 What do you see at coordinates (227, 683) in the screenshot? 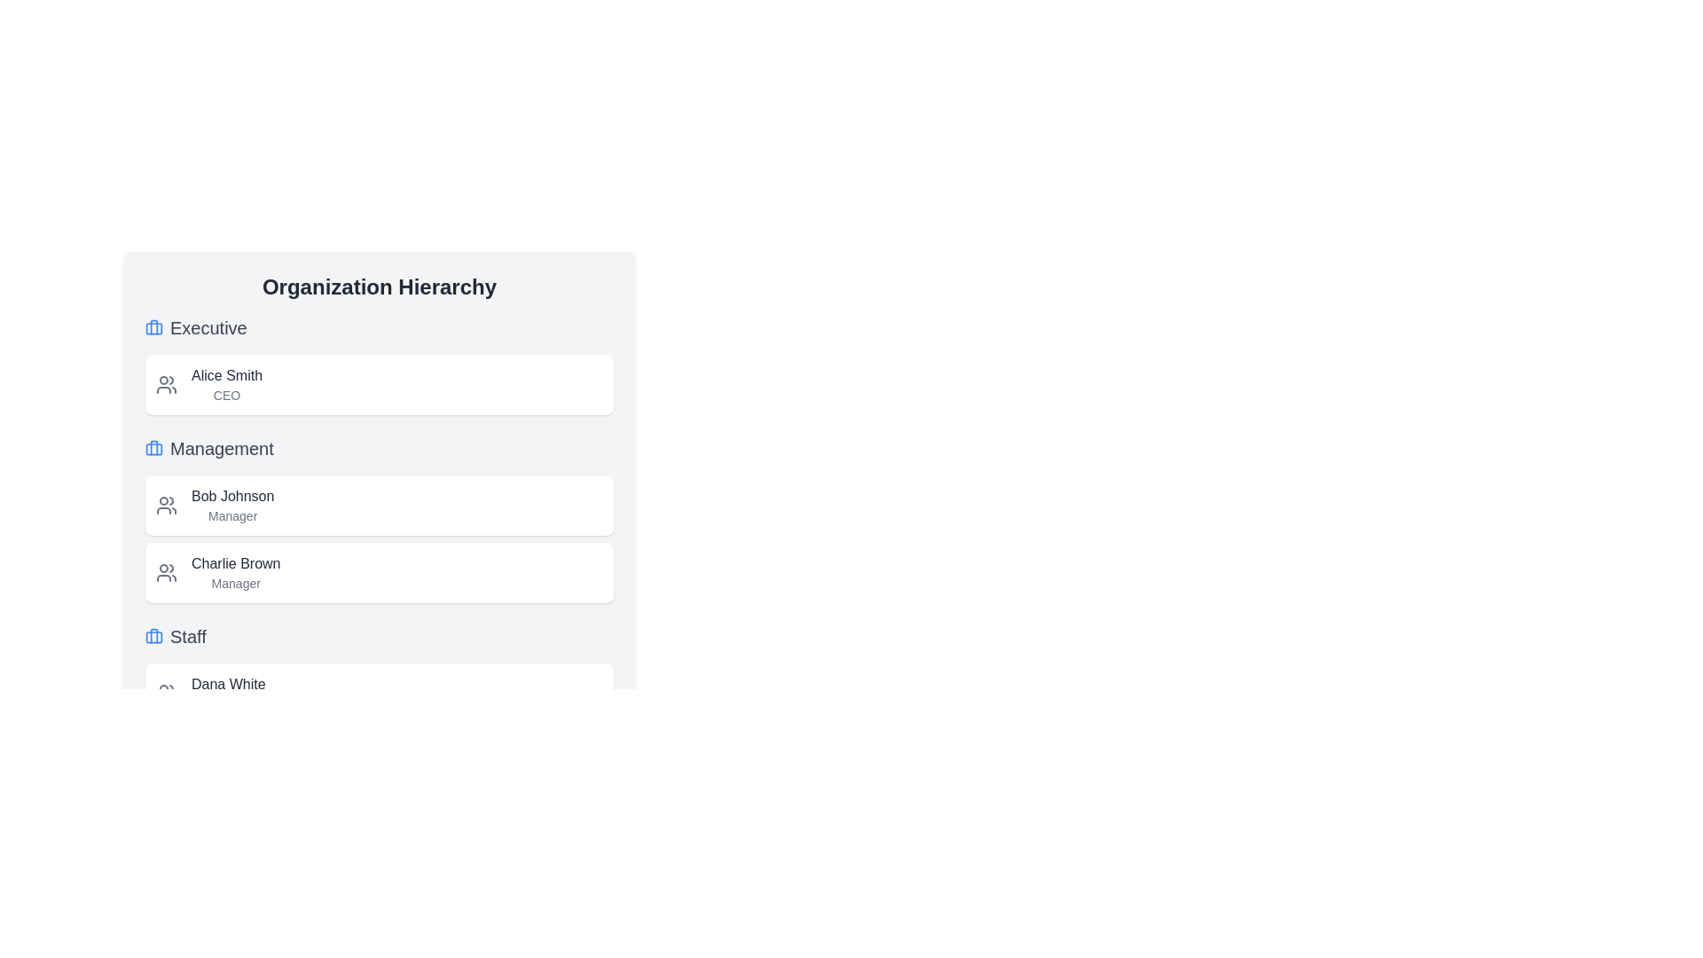
I see `the Text Label displaying an individual's name located in the 'Staff' section, positioned above the role title 'Developer'` at bounding box center [227, 683].